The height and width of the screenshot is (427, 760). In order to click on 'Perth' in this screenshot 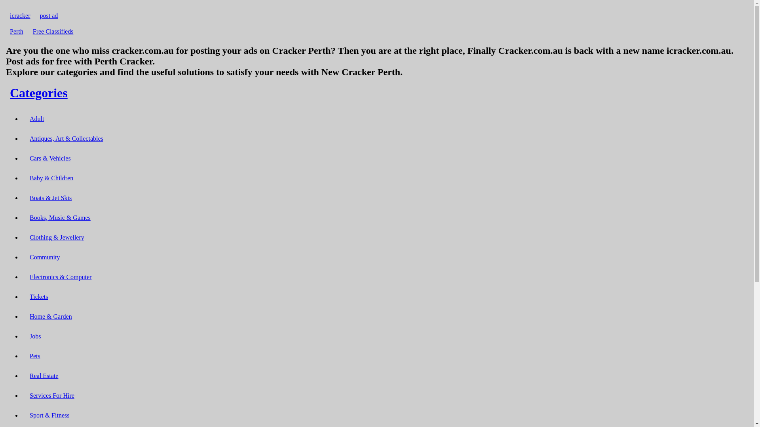, I will do `click(6, 31)`.